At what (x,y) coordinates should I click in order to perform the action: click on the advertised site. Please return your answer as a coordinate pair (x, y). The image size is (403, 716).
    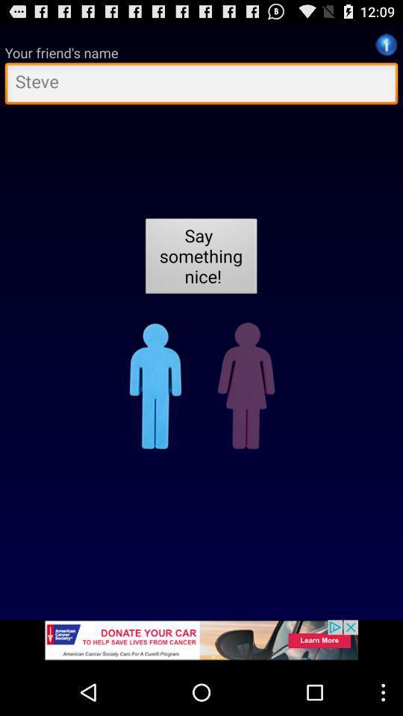
    Looking at the image, I should click on (201, 644).